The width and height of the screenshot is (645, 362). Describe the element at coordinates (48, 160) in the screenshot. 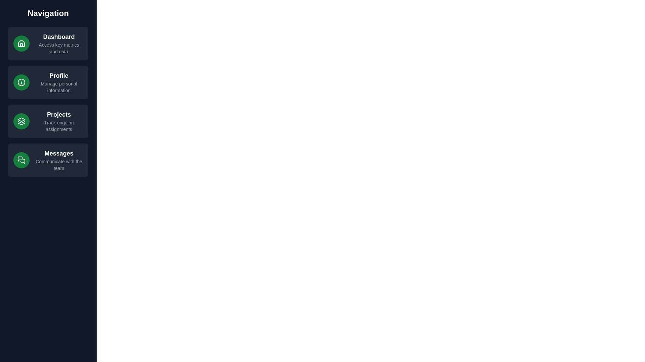

I see `the navigation item Messages to access its section` at that location.